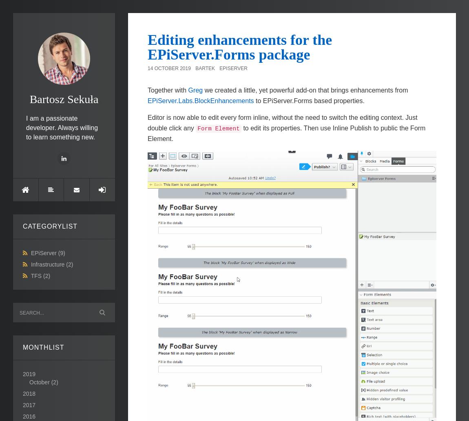 This screenshot has height=421, width=469. I want to click on 'Bartek', so click(205, 68).